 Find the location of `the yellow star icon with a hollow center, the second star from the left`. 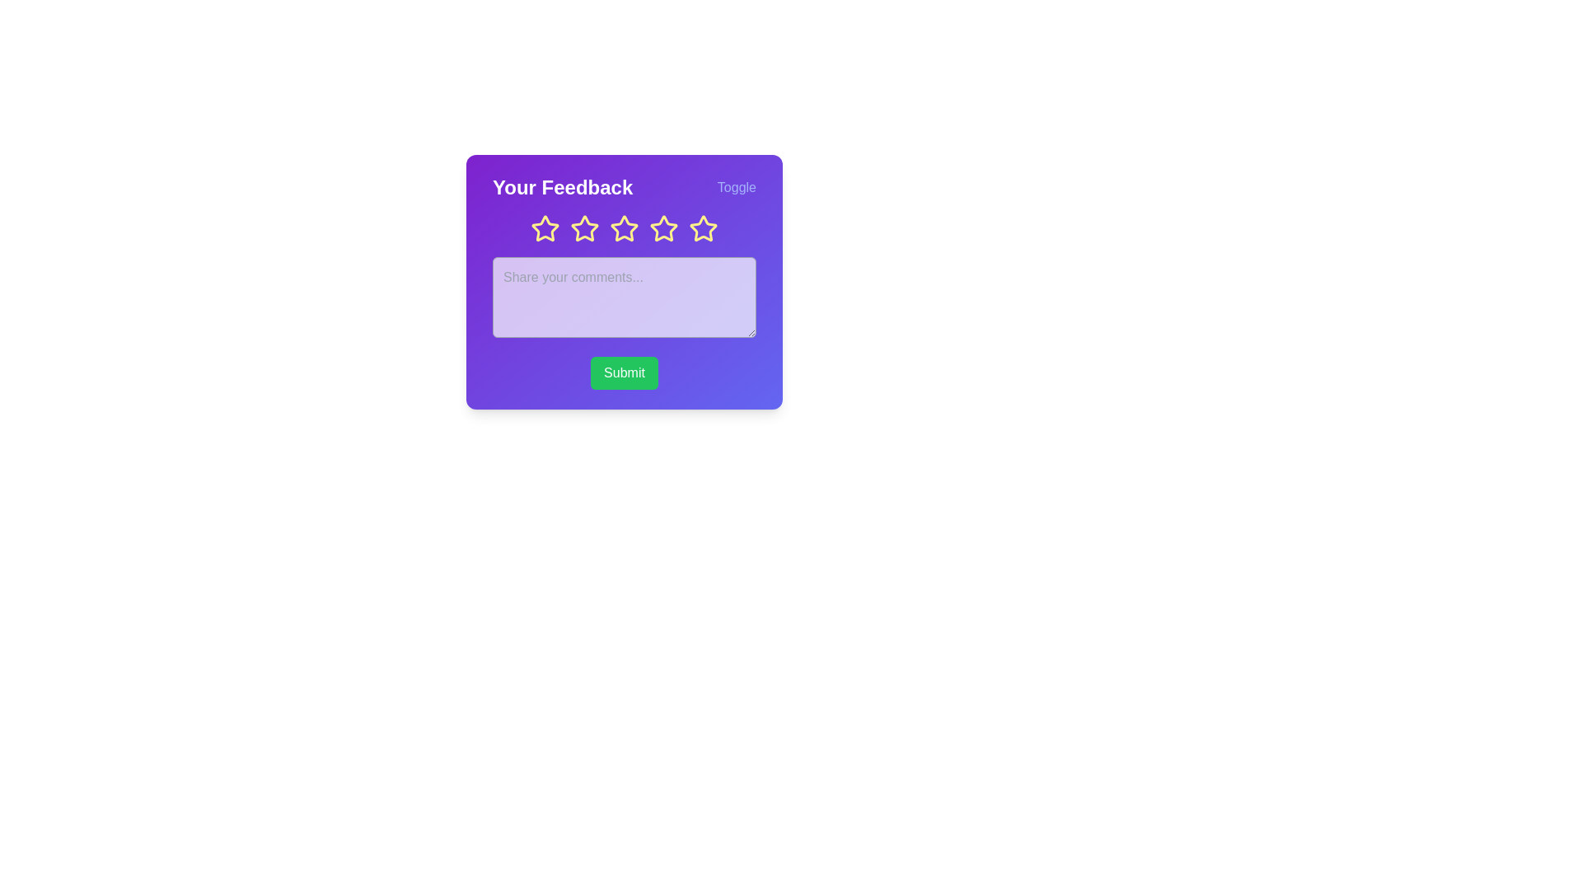

the yellow star icon with a hollow center, the second star from the left is located at coordinates (585, 228).